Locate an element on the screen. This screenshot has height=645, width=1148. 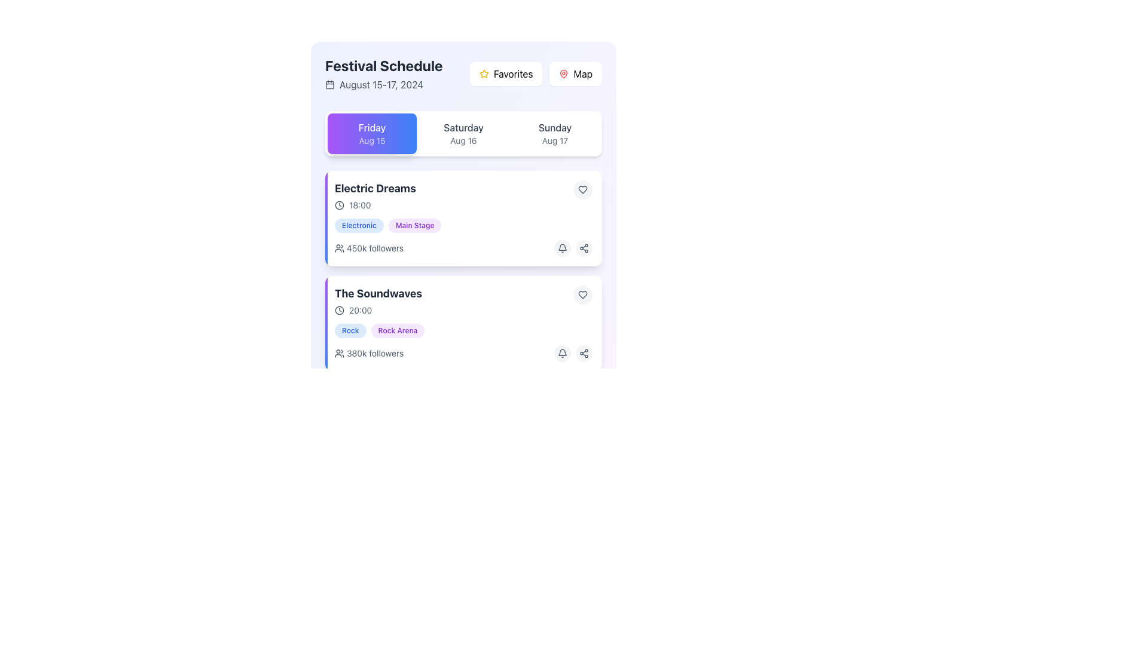
text label displaying 'Saturday' which is positioned at the top of the card for the day in the schedule, above the text 'Aug 16' is located at coordinates (463, 127).